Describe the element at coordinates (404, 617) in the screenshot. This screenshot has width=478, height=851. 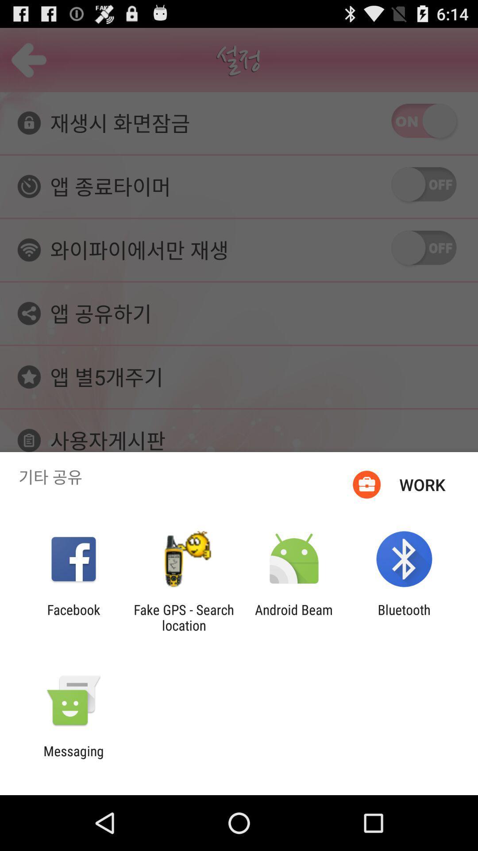
I see `the bluetooth app` at that location.